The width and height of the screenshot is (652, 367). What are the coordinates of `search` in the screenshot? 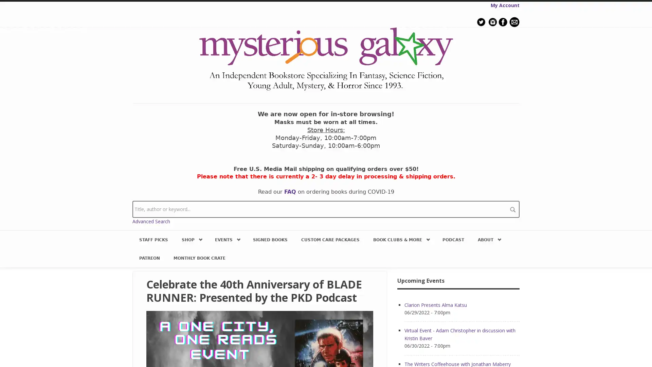 It's located at (513, 209).